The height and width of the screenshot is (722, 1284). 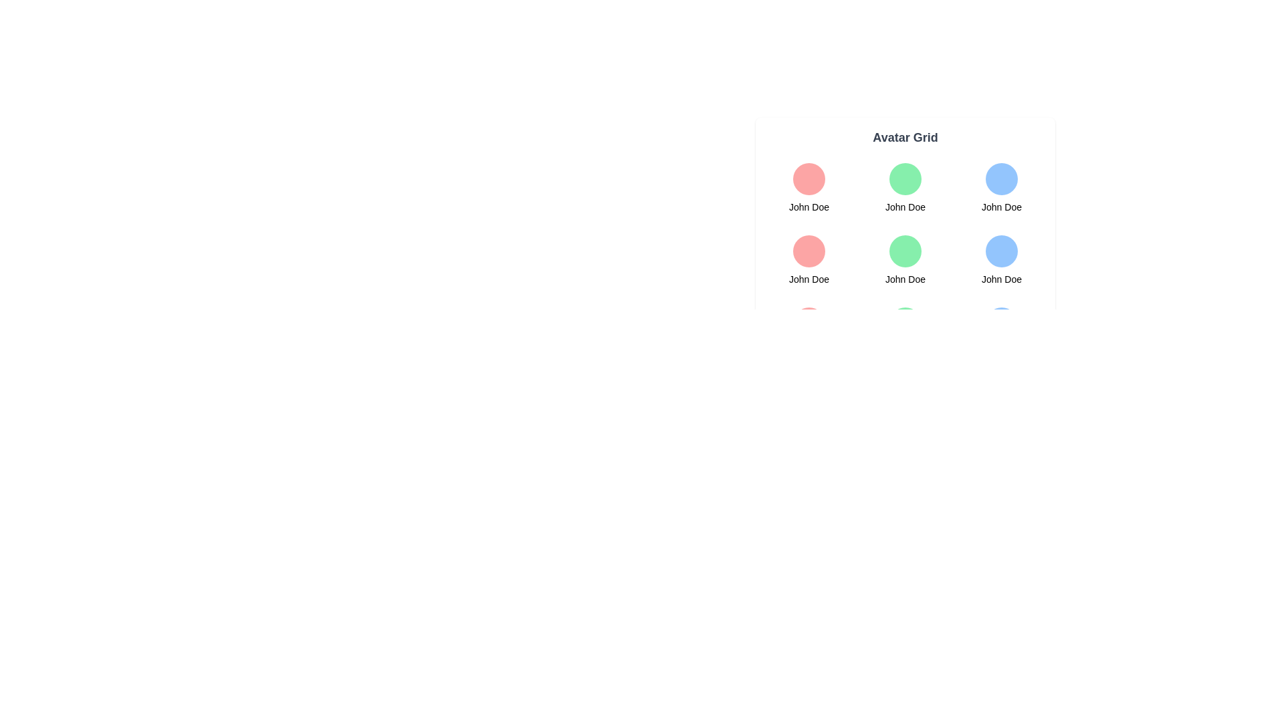 What do you see at coordinates (905, 251) in the screenshot?
I see `the circular avatar located in the middle row of the grid, the second item from the left` at bounding box center [905, 251].